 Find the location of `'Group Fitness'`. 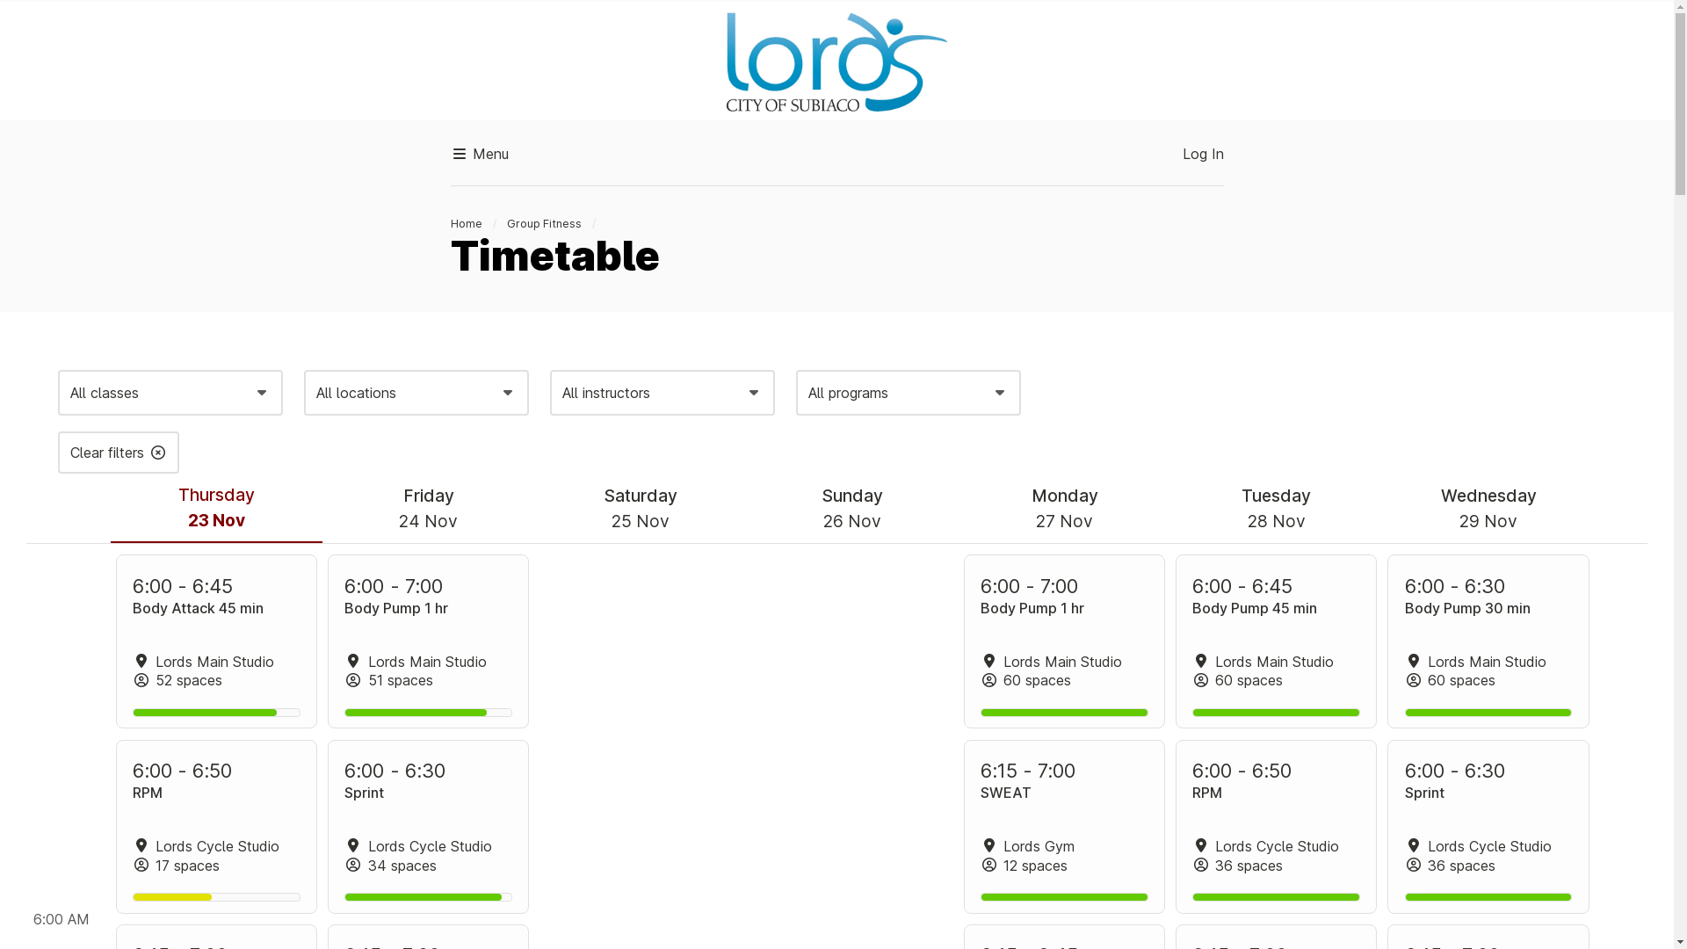

'Group Fitness' is located at coordinates (543, 222).